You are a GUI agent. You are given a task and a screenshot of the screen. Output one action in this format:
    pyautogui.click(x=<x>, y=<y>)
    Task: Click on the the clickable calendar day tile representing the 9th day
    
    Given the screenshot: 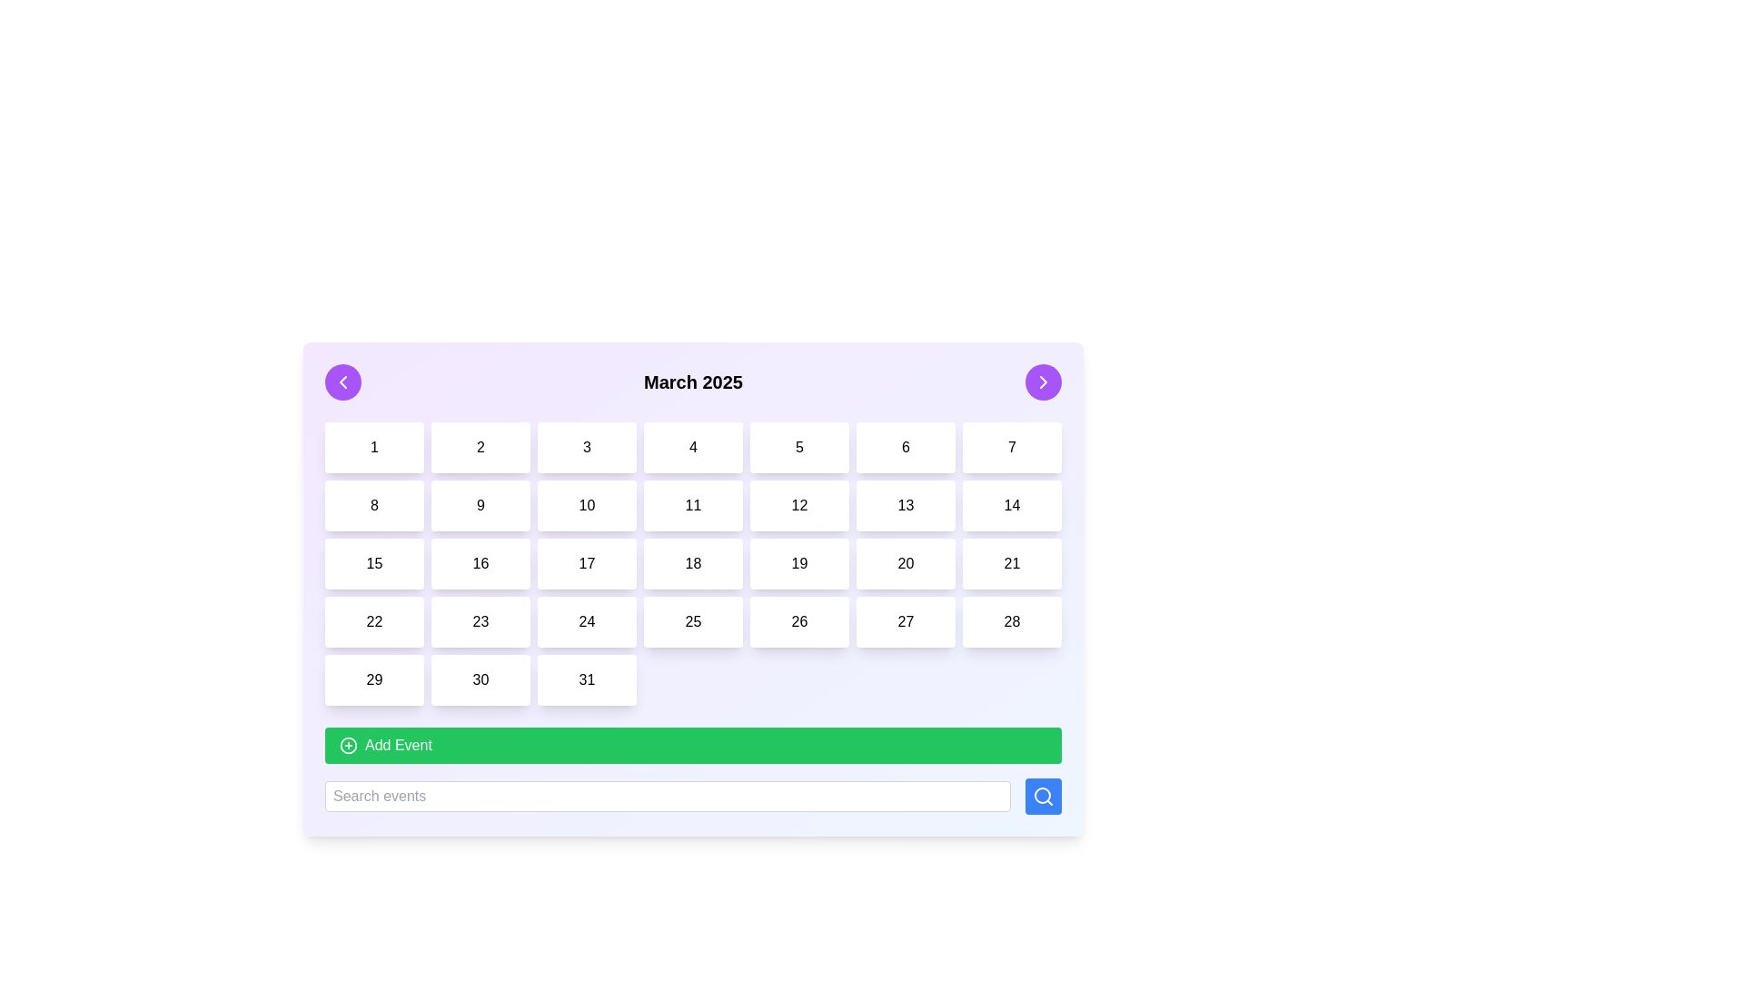 What is the action you would take?
    pyautogui.click(x=481, y=505)
    